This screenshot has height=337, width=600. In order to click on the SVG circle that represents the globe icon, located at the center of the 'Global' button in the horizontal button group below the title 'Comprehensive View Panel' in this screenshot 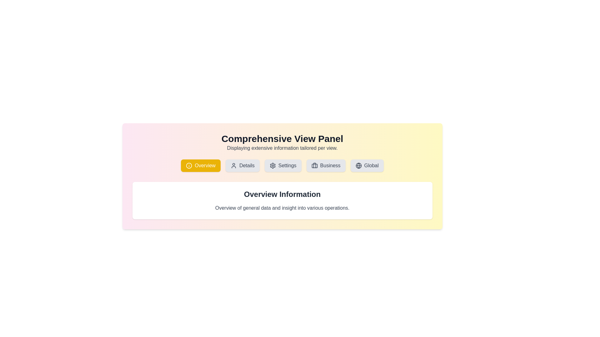, I will do `click(358, 165)`.